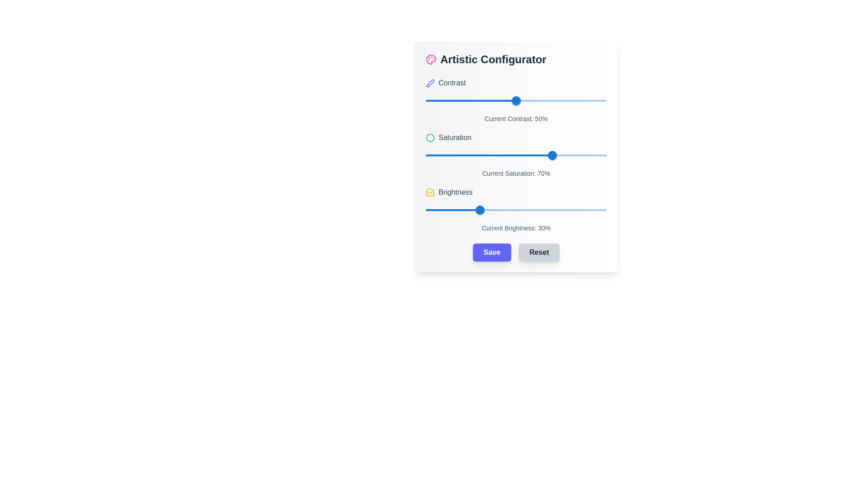 This screenshot has width=868, height=488. I want to click on the label indicating the contrast settings adjustment, which is located to the right of an indigo-colored brush icon and above the 'Current Contrast: 50%' slider in the 'Artistic Configurator' control box, so click(452, 83).